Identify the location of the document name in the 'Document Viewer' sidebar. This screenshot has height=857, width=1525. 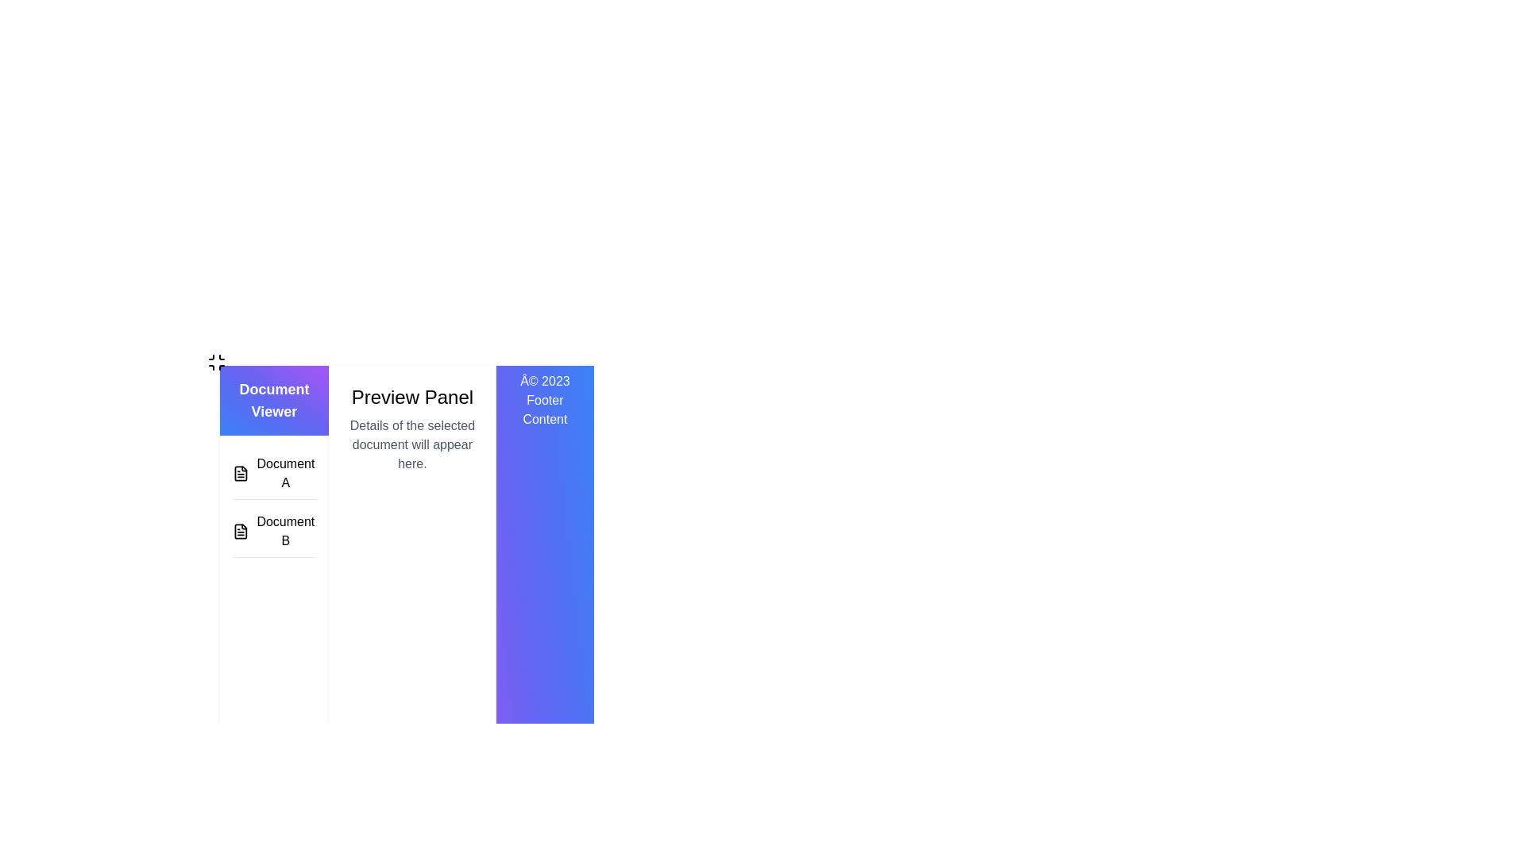
(274, 502).